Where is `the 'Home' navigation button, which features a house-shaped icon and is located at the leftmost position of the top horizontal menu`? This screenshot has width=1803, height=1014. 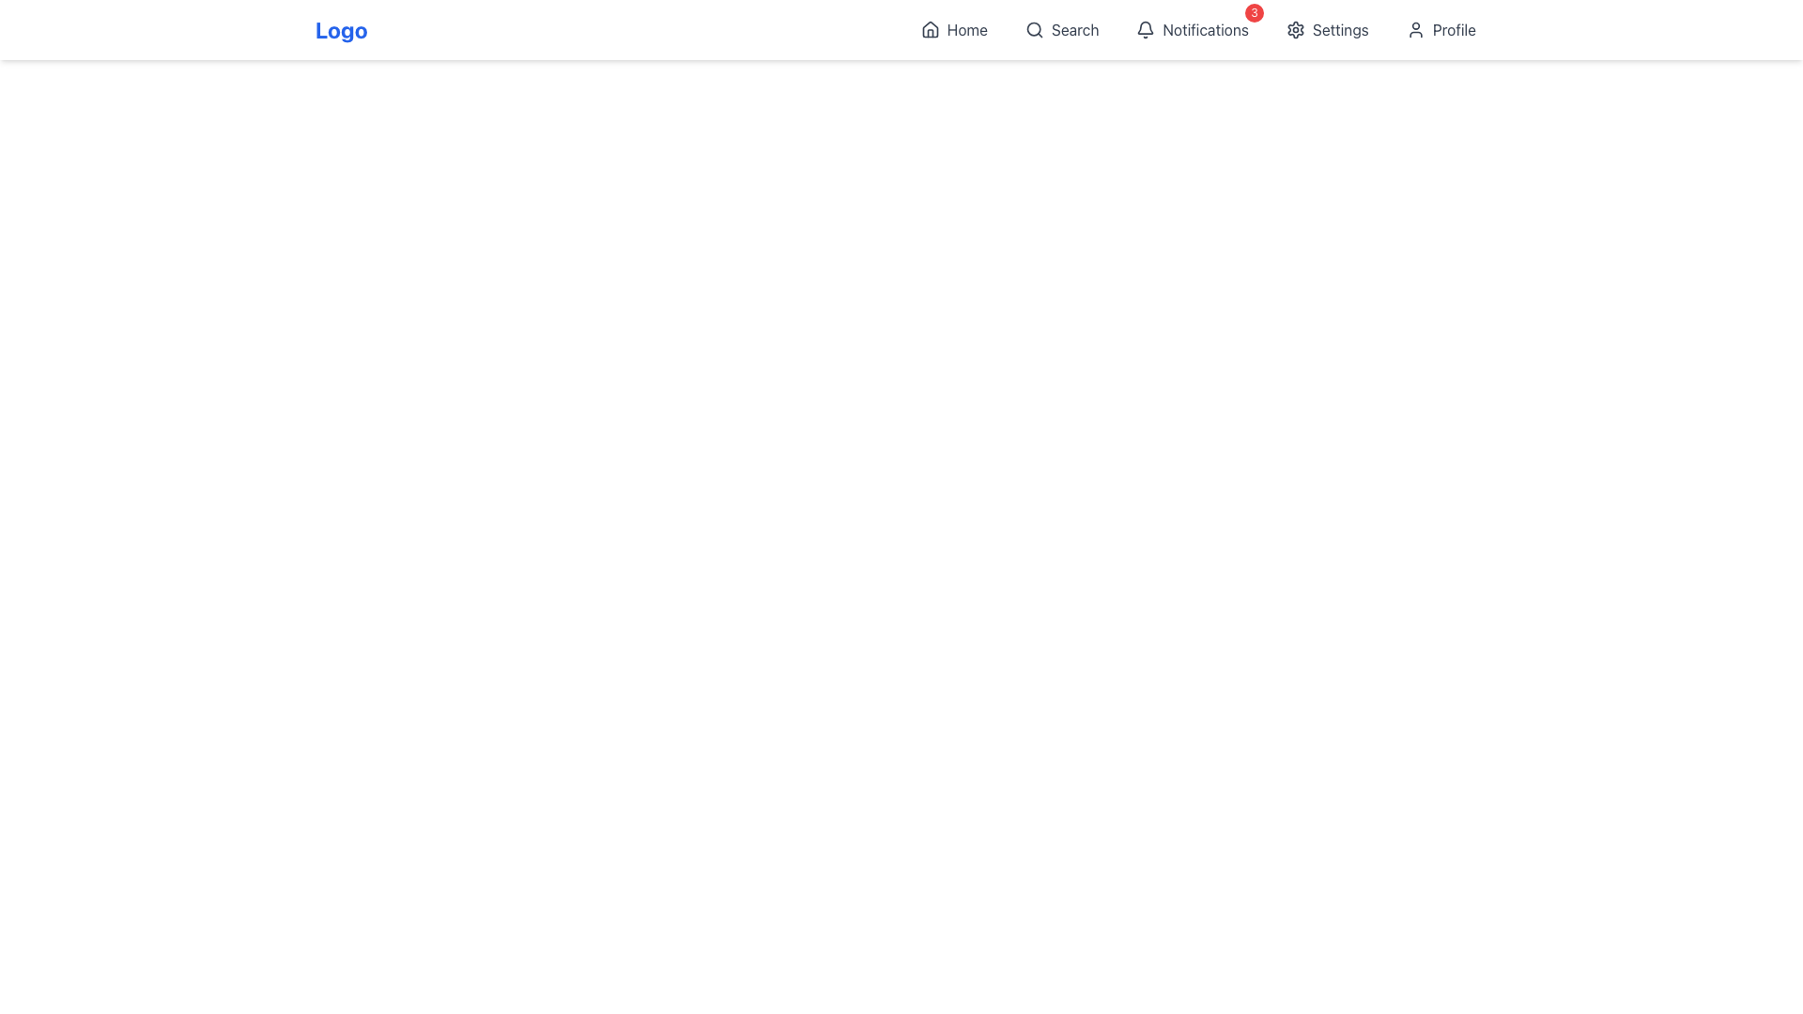
the 'Home' navigation button, which features a house-shaped icon and is located at the leftmost position of the top horizontal menu is located at coordinates (954, 29).